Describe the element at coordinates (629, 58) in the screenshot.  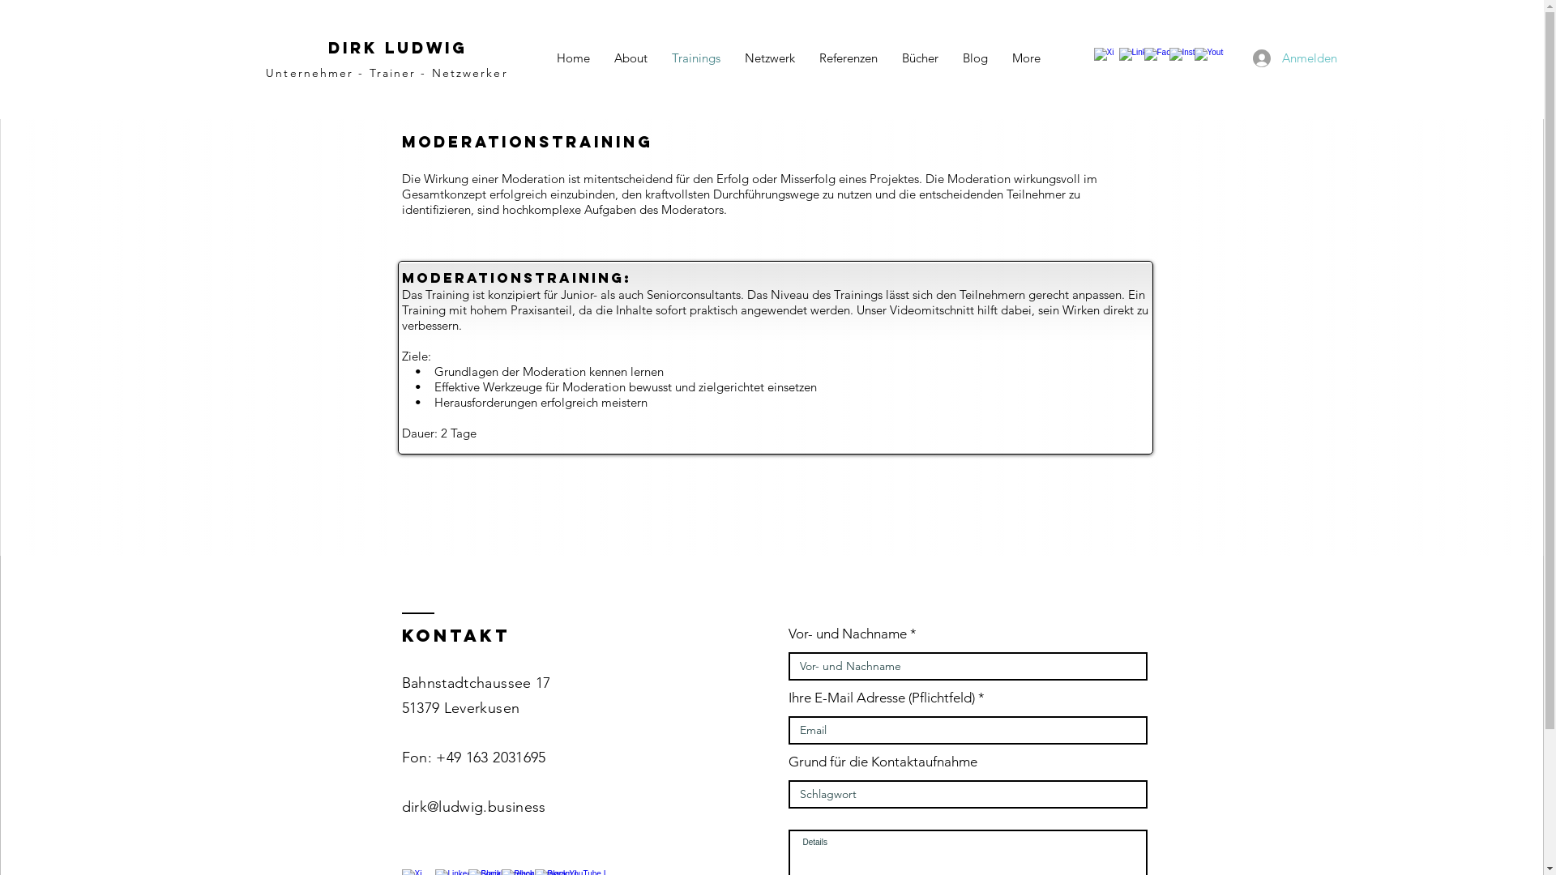
I see `'About'` at that location.